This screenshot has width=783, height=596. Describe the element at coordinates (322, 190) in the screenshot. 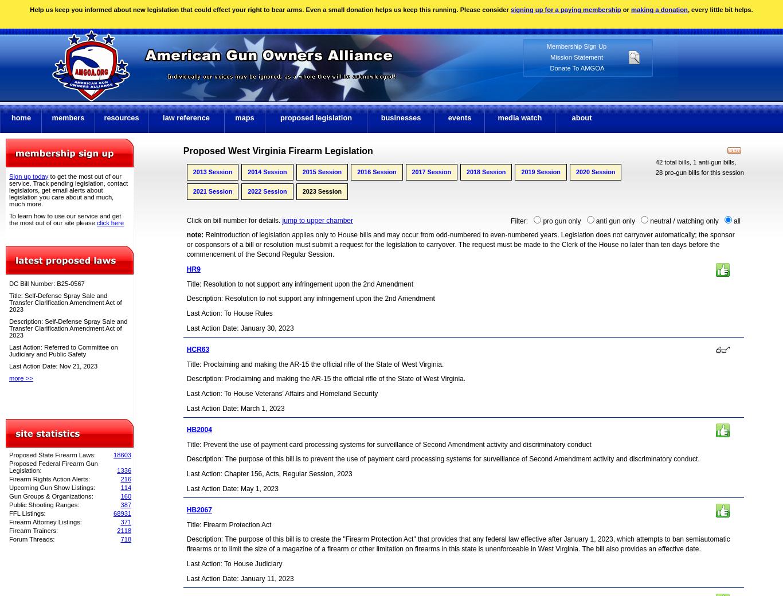

I see `'2023 Session'` at that location.